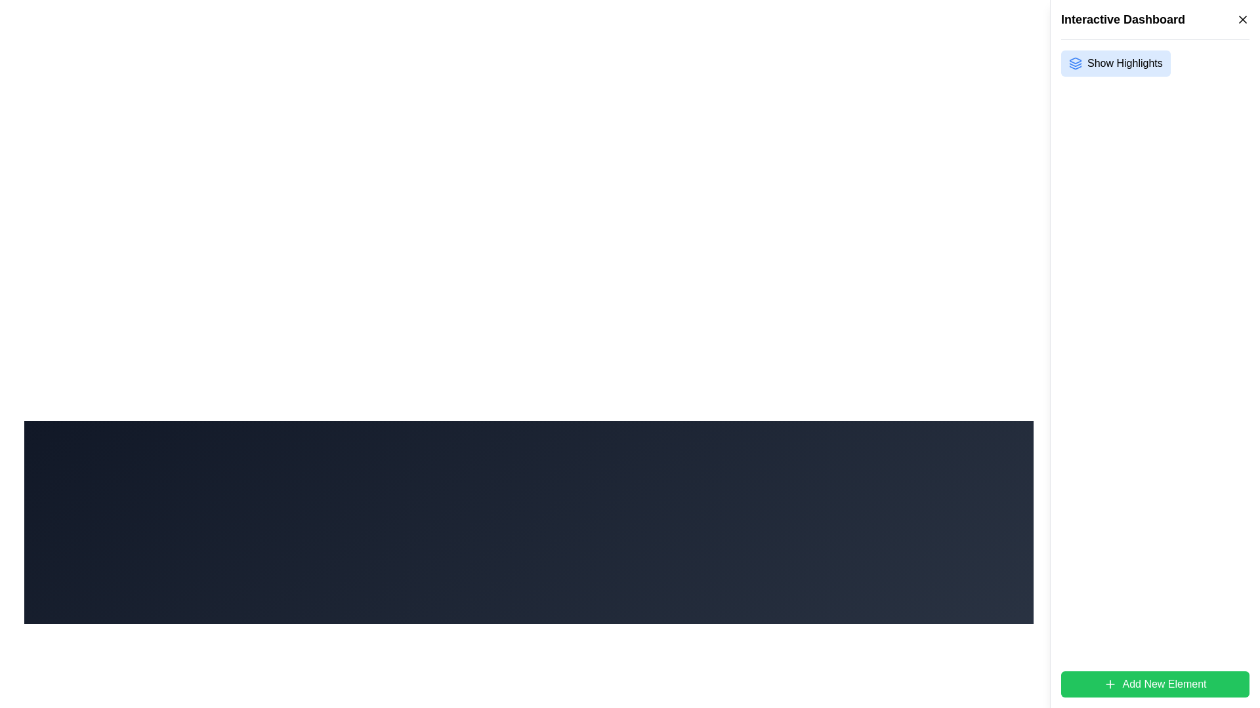 The height and width of the screenshot is (708, 1260). I want to click on the plus icon within the 'Add New Element' button, so click(1110, 684).